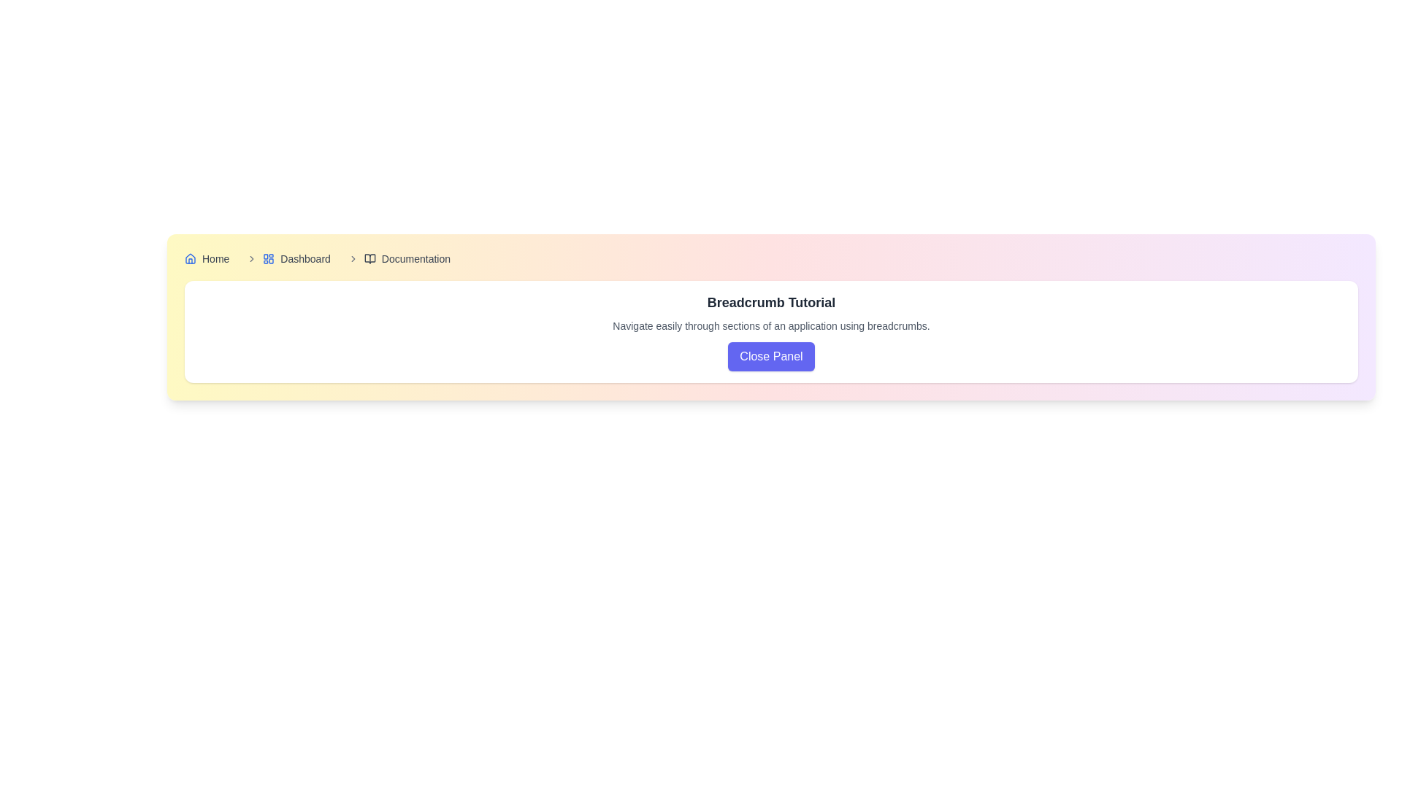 The height and width of the screenshot is (788, 1402). I want to click on the open book icon in the breadcrumb navigation located next to the 'Documentation' text label, so click(369, 258).